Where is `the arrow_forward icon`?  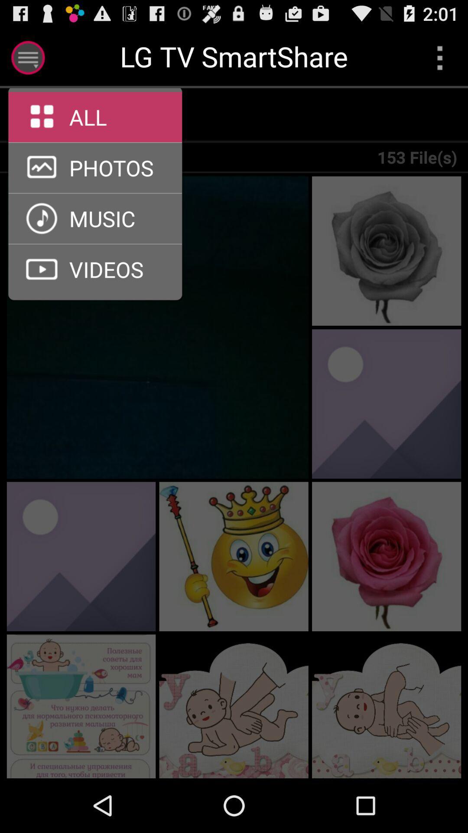 the arrow_forward icon is located at coordinates (95, 152).